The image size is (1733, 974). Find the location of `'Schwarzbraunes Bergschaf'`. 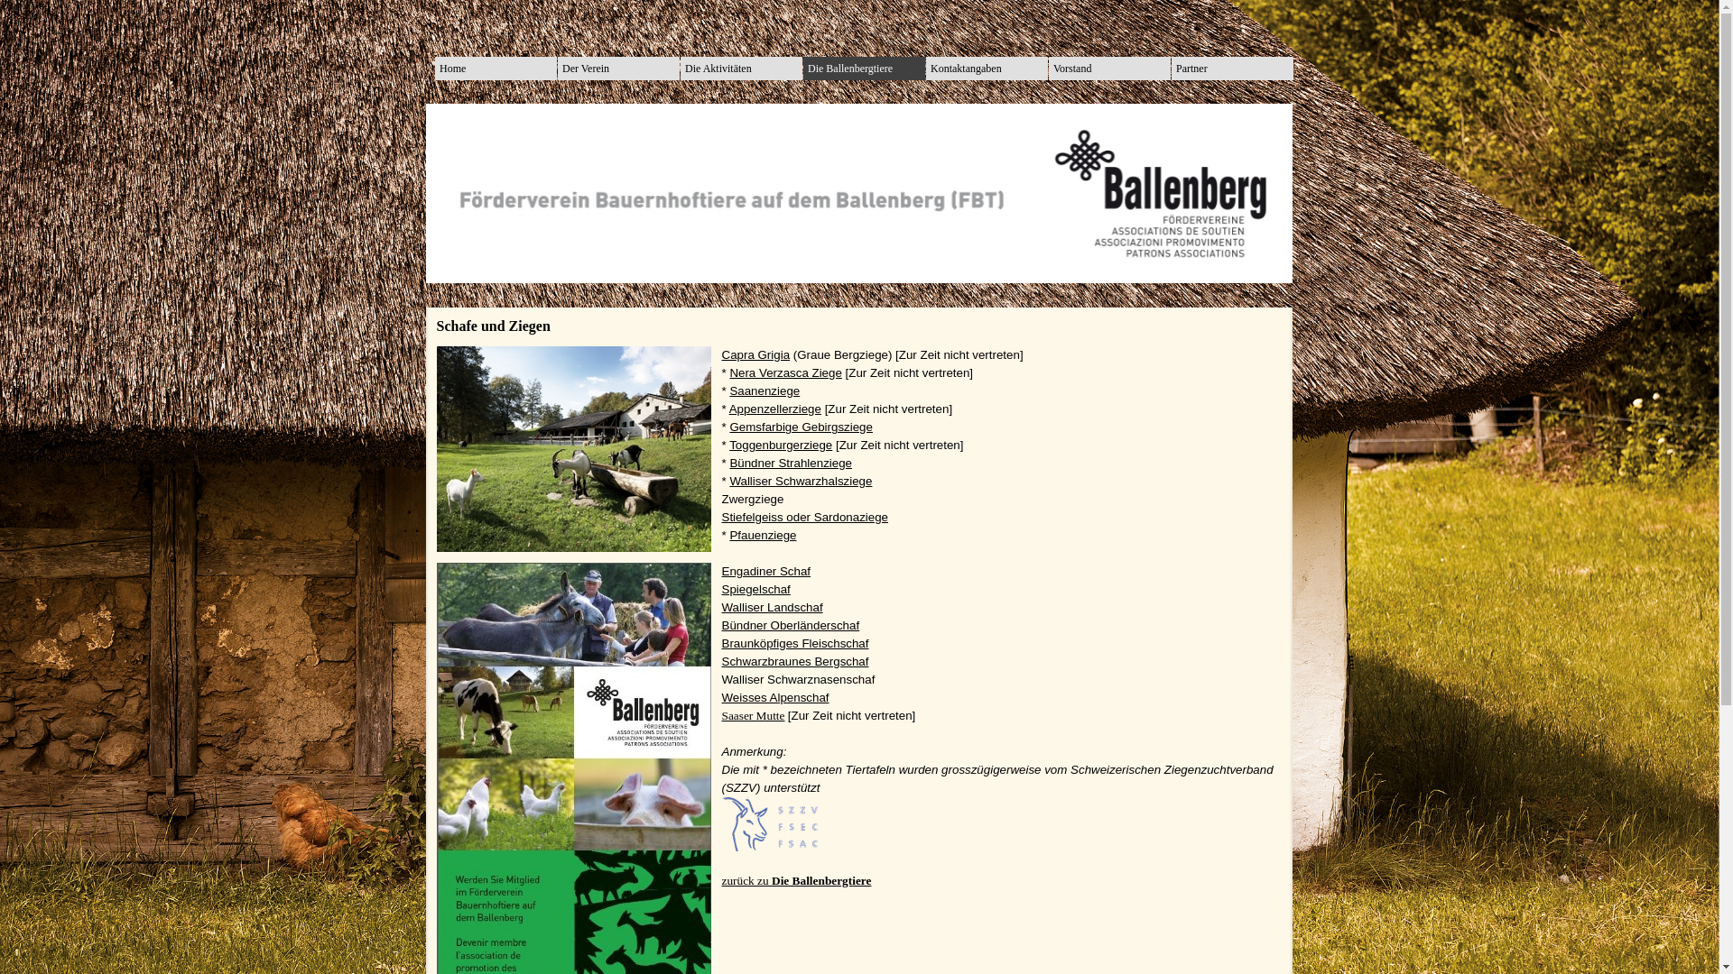

'Schwarzbraunes Bergschaf' is located at coordinates (794, 661).